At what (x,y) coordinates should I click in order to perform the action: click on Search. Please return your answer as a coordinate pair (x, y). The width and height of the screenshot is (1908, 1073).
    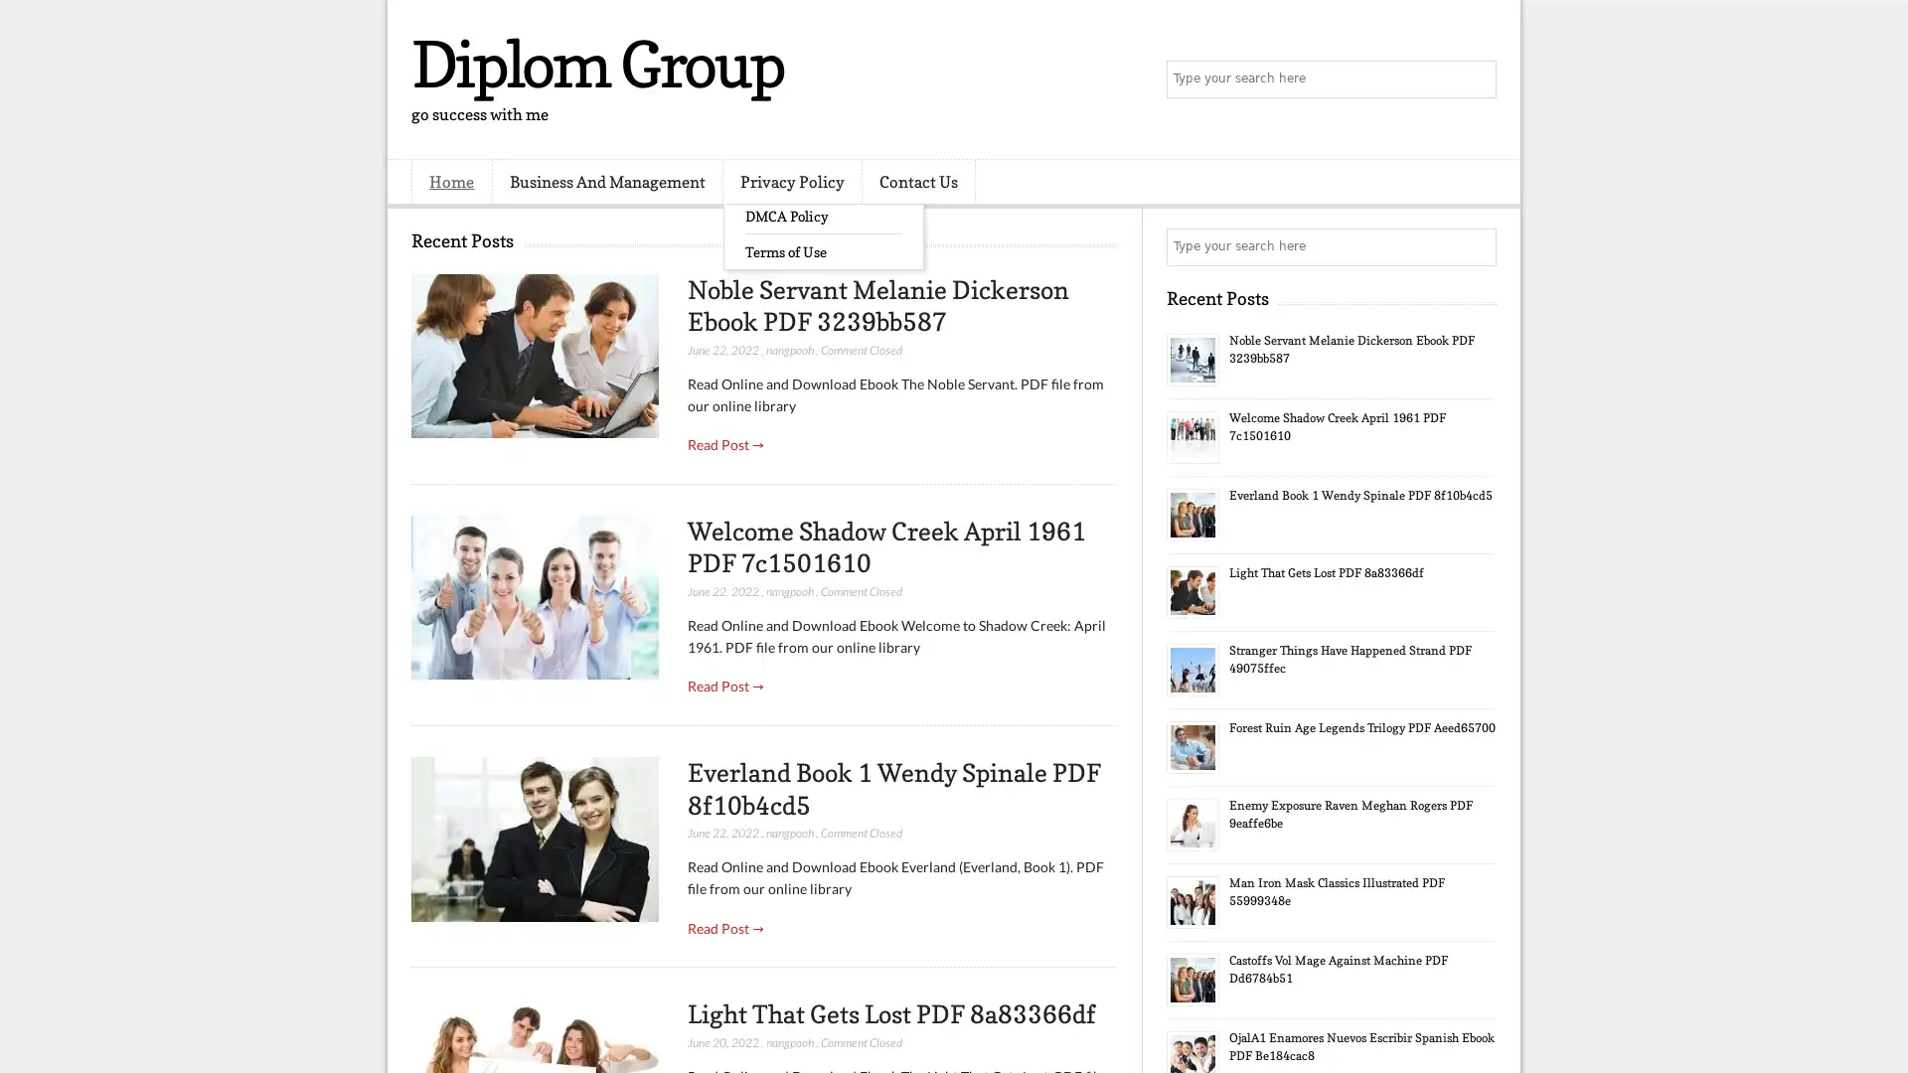
    Looking at the image, I should click on (1476, 246).